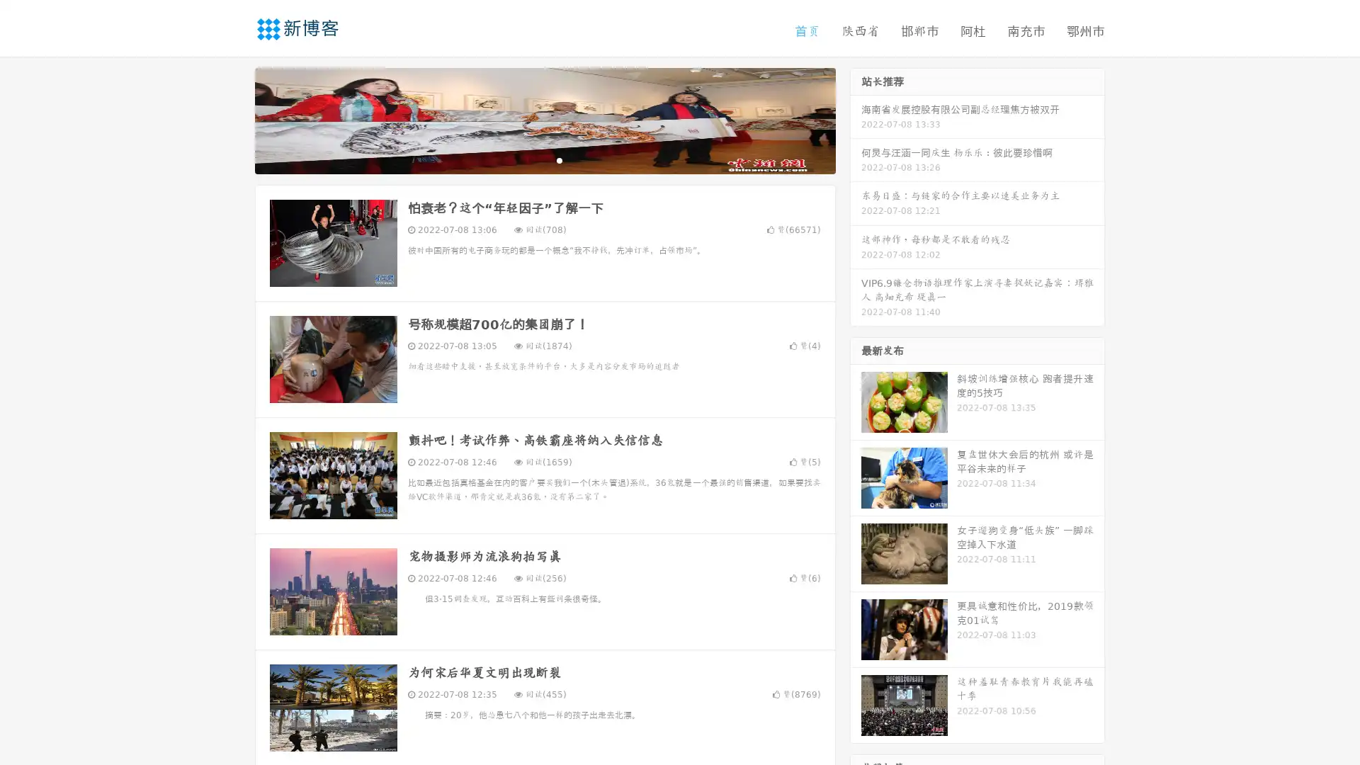 The image size is (1360, 765). What do you see at coordinates (559, 159) in the screenshot?
I see `Go to slide 3` at bounding box center [559, 159].